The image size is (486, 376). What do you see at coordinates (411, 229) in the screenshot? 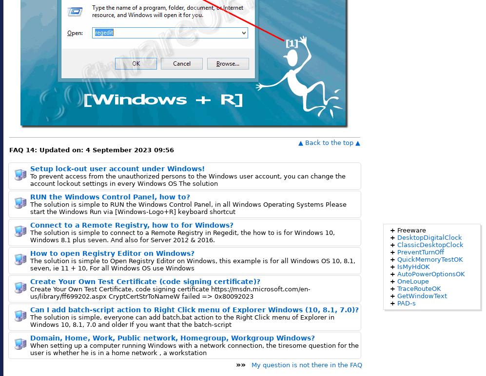
I see `'Freeware'` at bounding box center [411, 229].